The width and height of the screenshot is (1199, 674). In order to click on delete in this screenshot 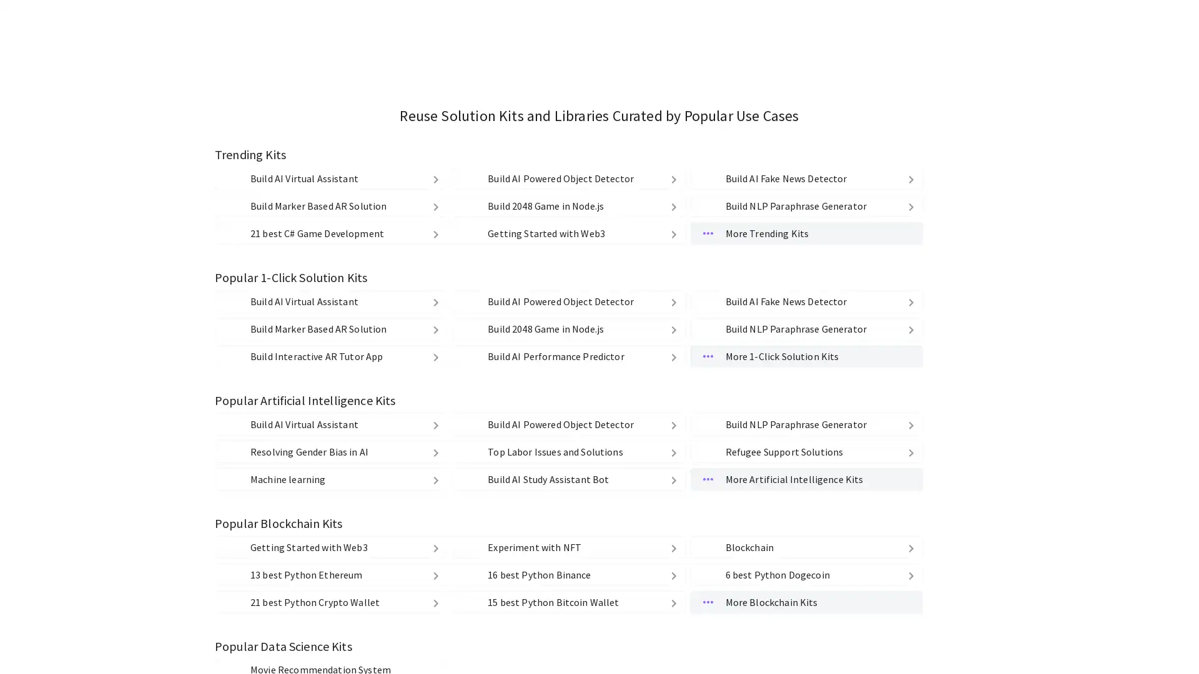, I will do `click(892, 643)`.